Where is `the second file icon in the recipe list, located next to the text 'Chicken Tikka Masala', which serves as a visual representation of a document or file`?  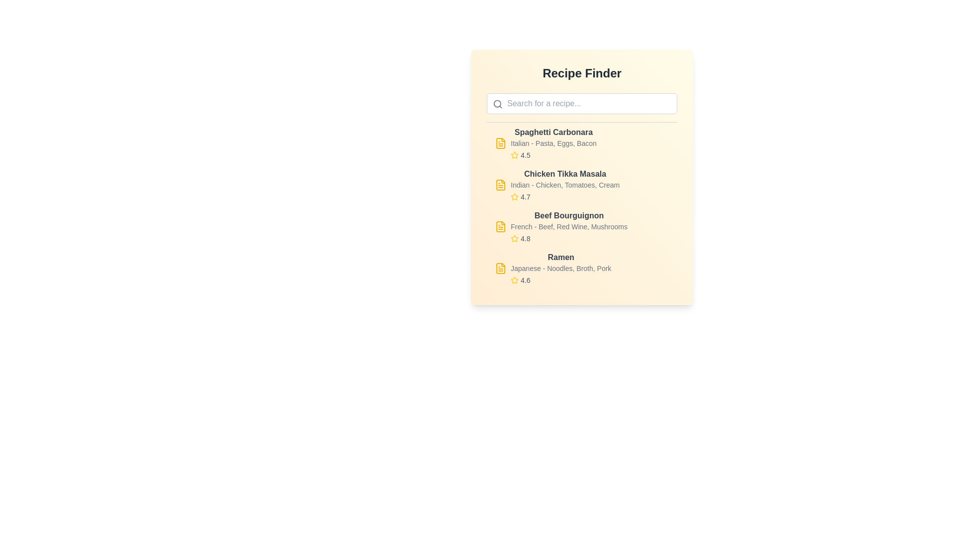 the second file icon in the recipe list, located next to the text 'Chicken Tikka Masala', which serves as a visual representation of a document or file is located at coordinates (501, 185).